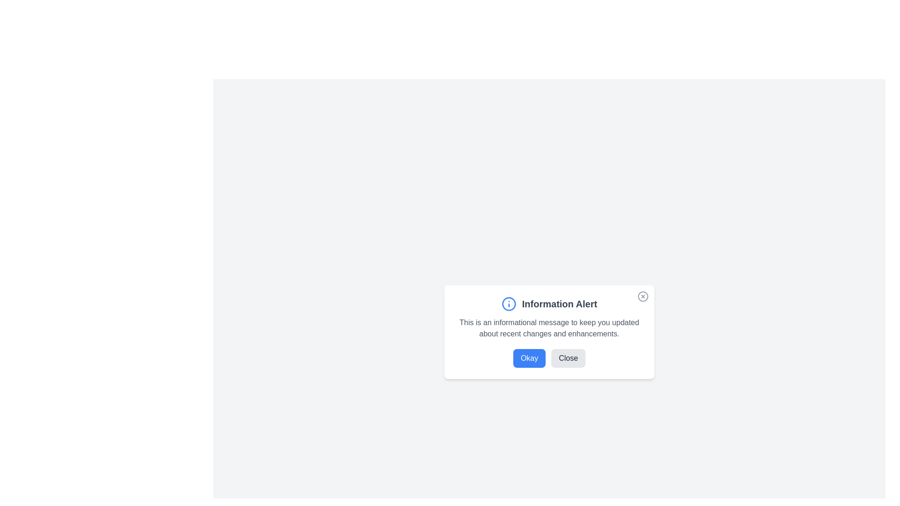 The height and width of the screenshot is (506, 900). I want to click on the rectangular 'Close' button with bold black text on a light gray background, located at the bottom-right corner of the modal dialog box, so click(568, 358).